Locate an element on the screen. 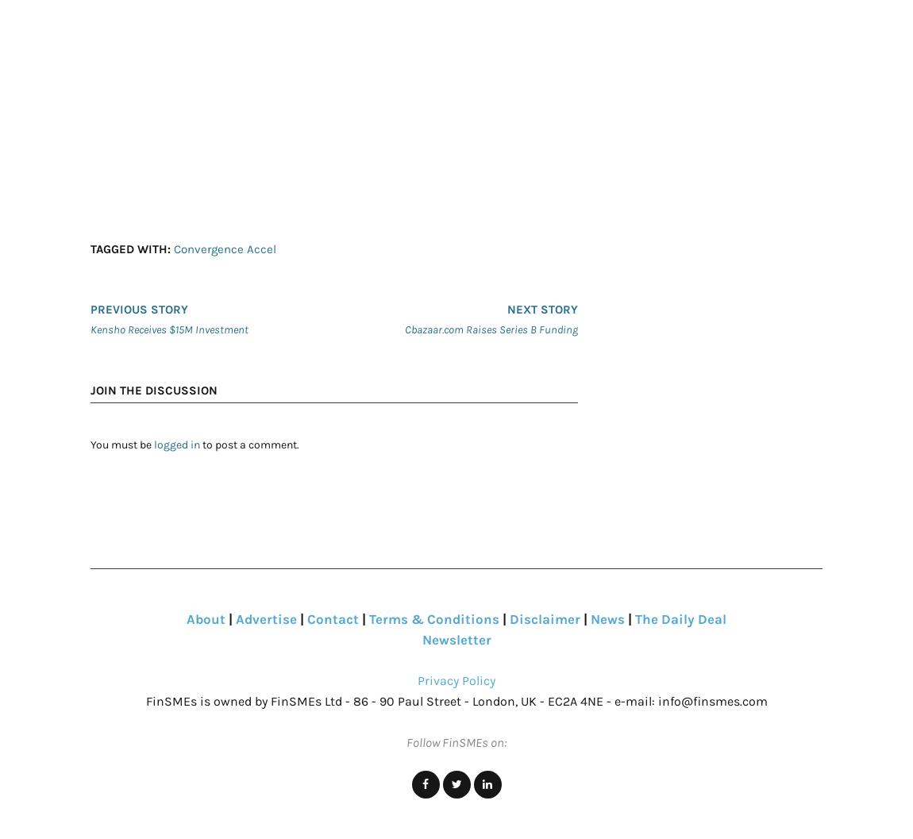  'Advertise' is located at coordinates (266, 618).